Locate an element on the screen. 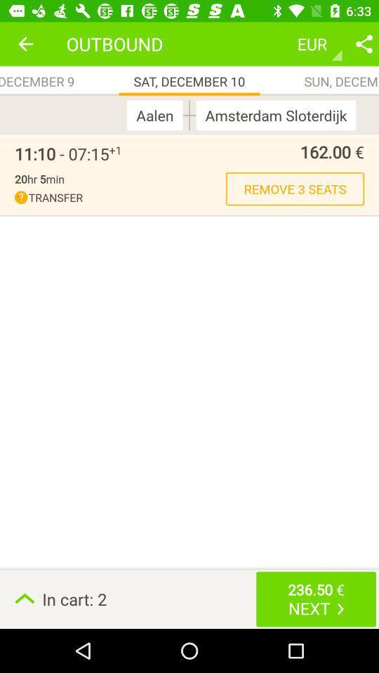 This screenshot has width=379, height=673. icon above the transfer item is located at coordinates (39, 178).